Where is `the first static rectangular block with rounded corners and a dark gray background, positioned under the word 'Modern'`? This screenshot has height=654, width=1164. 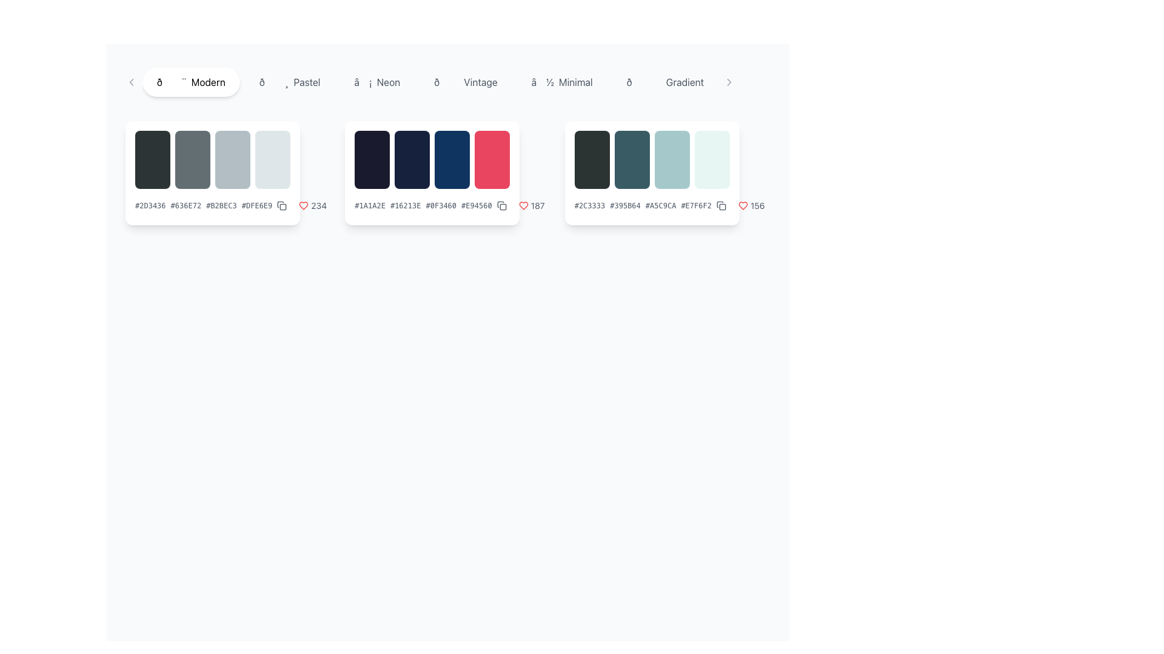 the first static rectangular block with rounded corners and a dark gray background, positioned under the word 'Modern' is located at coordinates (152, 159).